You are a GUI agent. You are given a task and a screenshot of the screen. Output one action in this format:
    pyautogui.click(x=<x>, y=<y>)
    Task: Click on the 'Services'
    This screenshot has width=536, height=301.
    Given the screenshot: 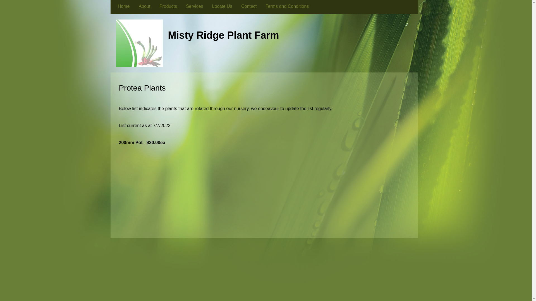 What is the action you would take?
    pyautogui.click(x=194, y=6)
    